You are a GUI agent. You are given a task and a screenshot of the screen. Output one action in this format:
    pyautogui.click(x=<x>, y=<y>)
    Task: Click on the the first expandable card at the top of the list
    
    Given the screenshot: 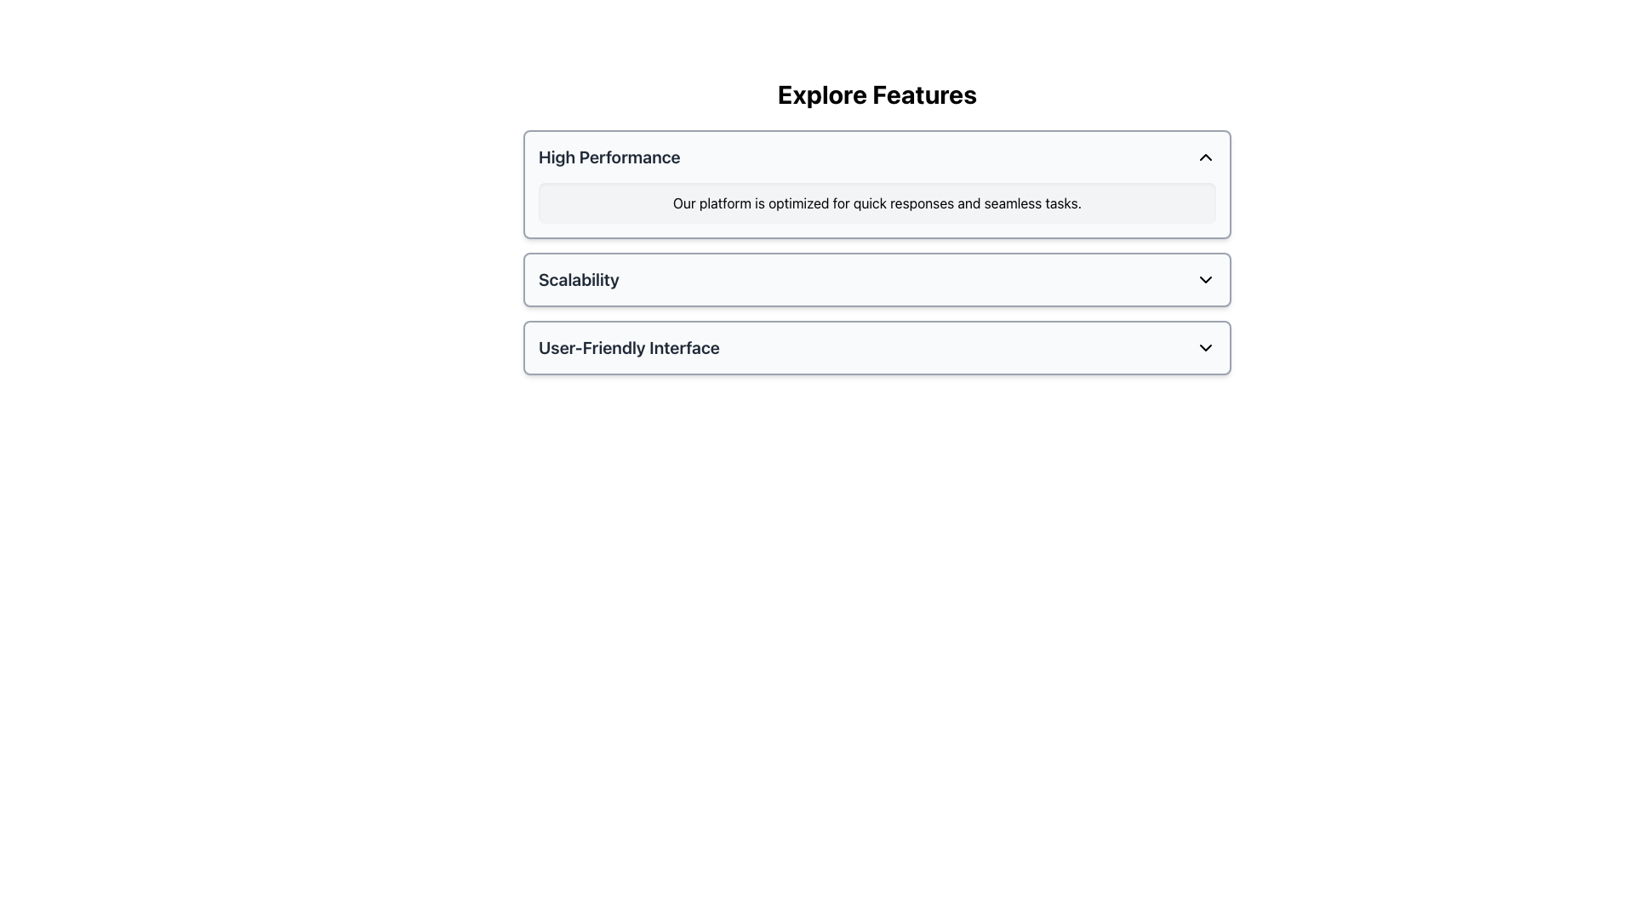 What is the action you would take?
    pyautogui.click(x=877, y=184)
    